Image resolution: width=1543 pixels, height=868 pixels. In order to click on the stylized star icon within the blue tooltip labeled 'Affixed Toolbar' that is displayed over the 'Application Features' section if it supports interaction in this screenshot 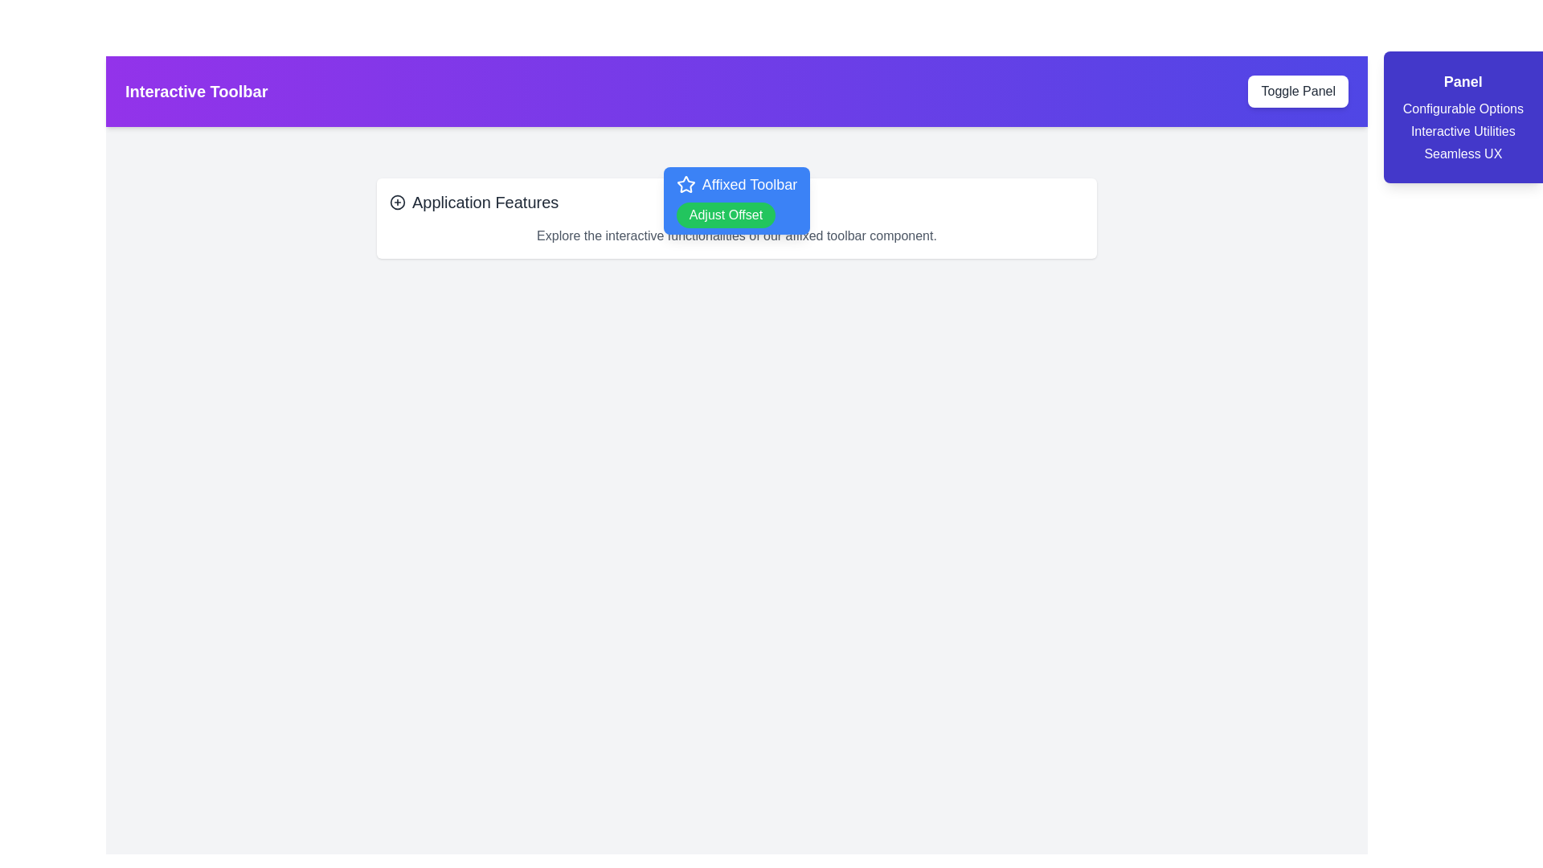, I will do `click(686, 183)`.